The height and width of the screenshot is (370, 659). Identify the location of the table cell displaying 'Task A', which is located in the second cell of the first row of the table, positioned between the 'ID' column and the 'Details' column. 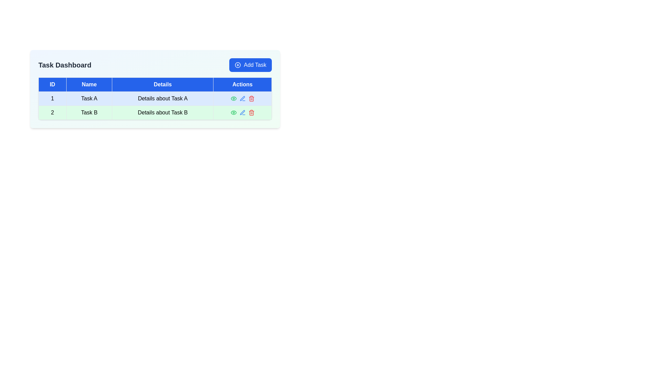
(89, 99).